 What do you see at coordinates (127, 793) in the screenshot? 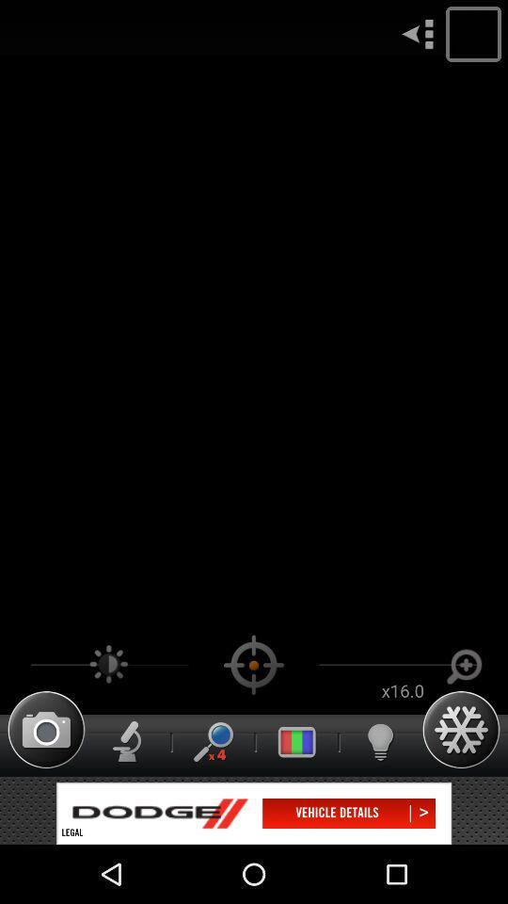
I see `the thumbs_up icon` at bounding box center [127, 793].